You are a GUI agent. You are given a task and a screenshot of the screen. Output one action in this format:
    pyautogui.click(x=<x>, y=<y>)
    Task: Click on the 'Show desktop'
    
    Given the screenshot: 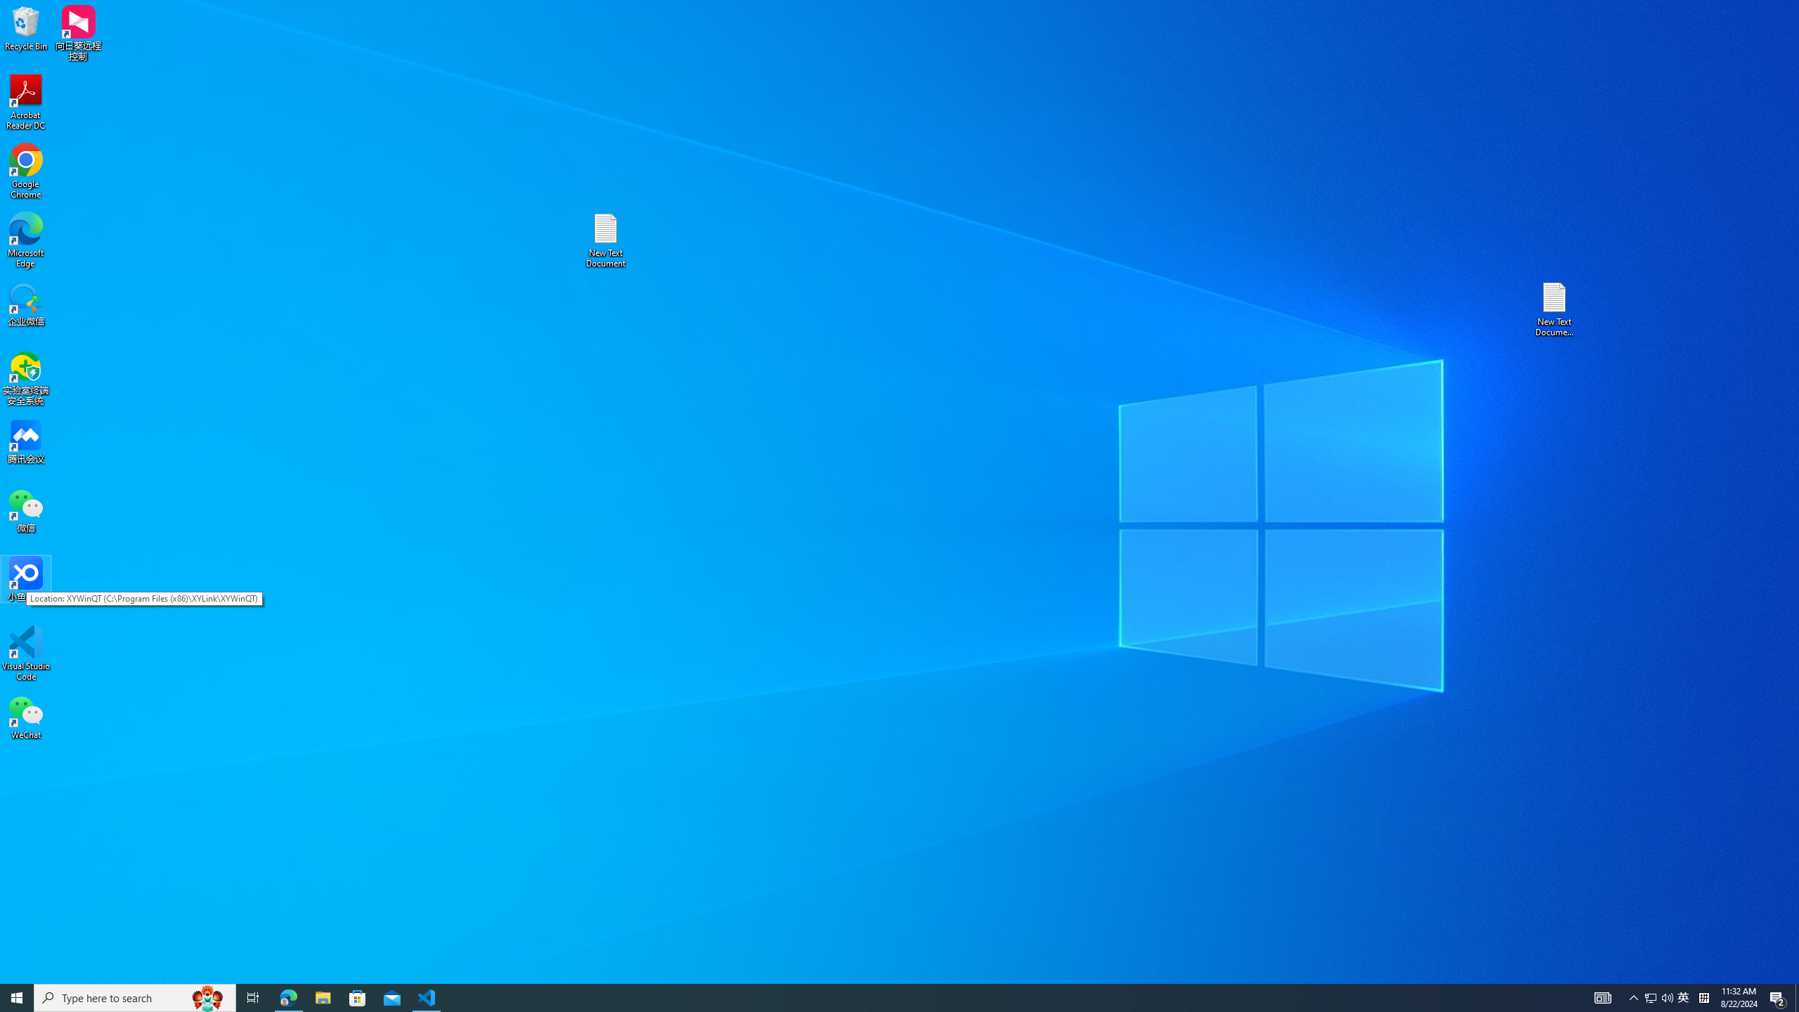 What is the action you would take?
    pyautogui.click(x=1796, y=997)
    